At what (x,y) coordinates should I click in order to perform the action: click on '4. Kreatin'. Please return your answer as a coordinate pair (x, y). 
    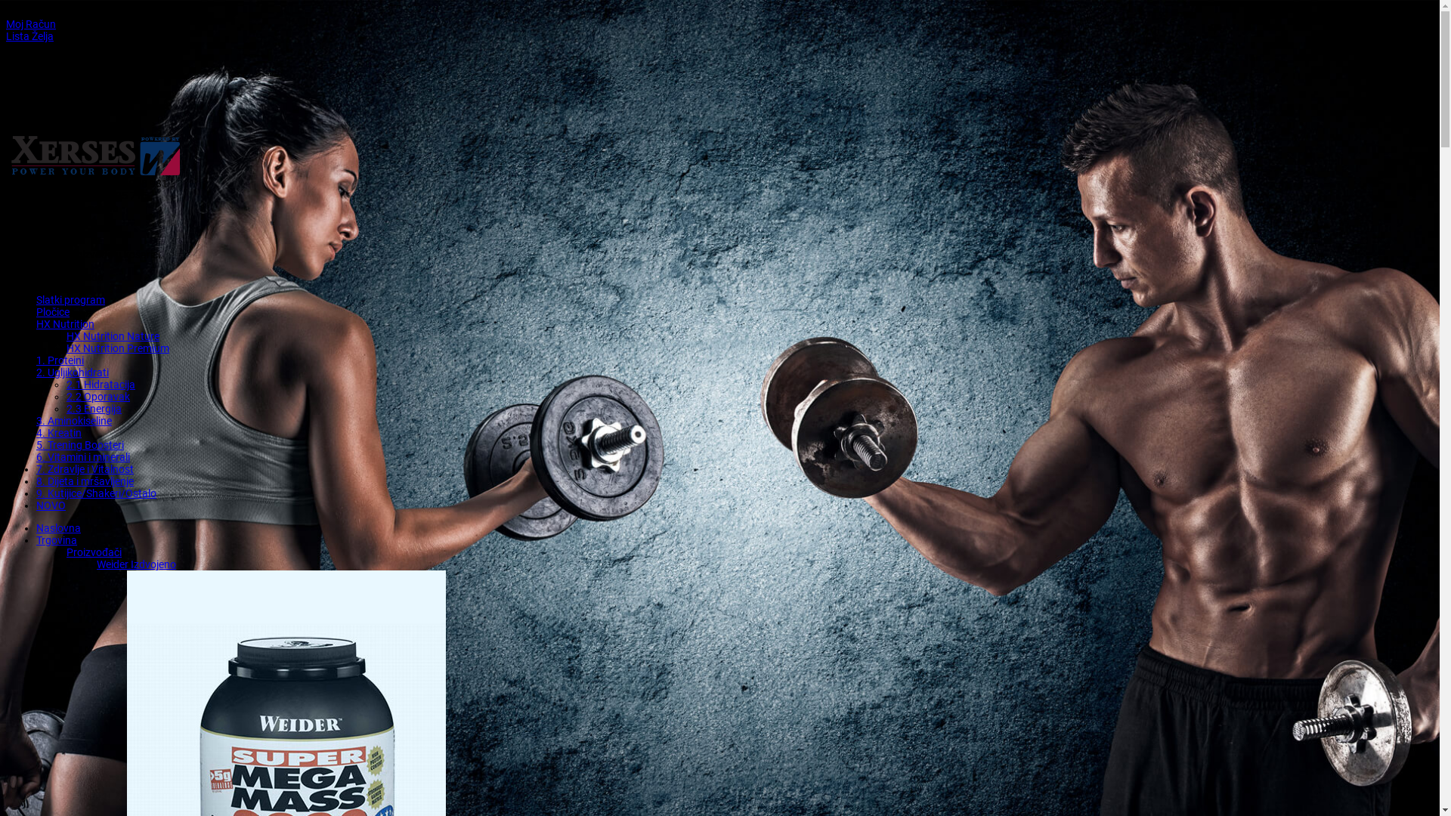
    Looking at the image, I should click on (58, 433).